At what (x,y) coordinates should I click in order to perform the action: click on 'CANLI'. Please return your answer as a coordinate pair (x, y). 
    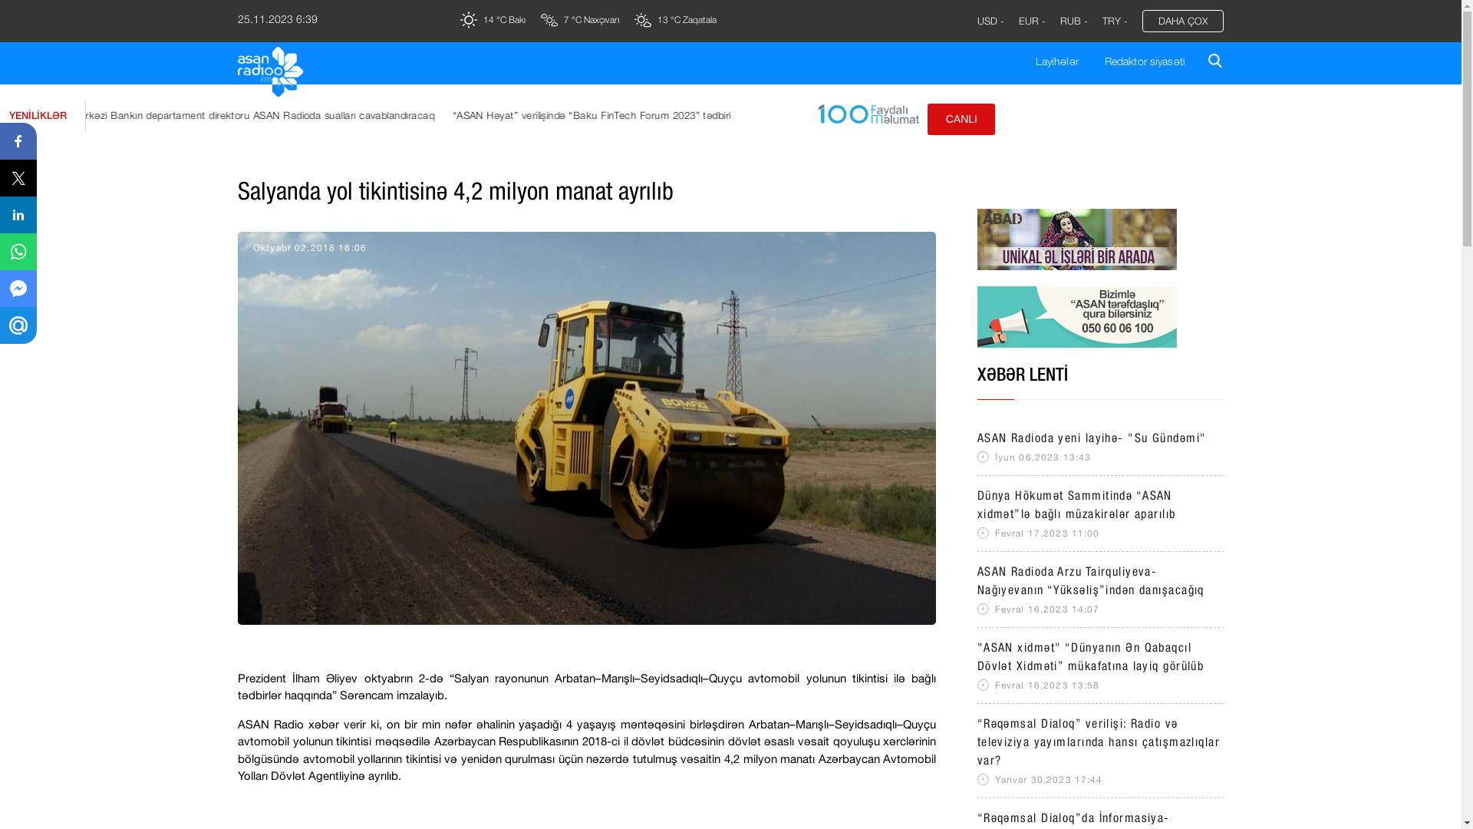
    Looking at the image, I should click on (960, 118).